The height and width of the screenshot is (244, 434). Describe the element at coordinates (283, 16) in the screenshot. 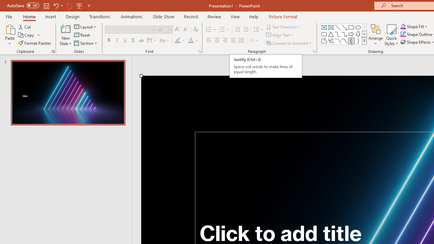

I see `'Picture Format'` at that location.